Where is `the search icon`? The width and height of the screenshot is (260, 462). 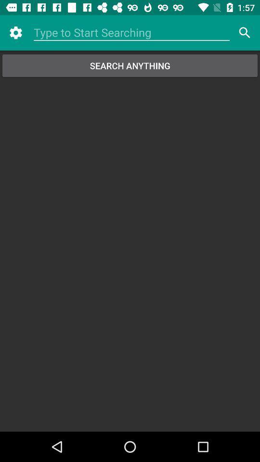
the search icon is located at coordinates (245, 33).